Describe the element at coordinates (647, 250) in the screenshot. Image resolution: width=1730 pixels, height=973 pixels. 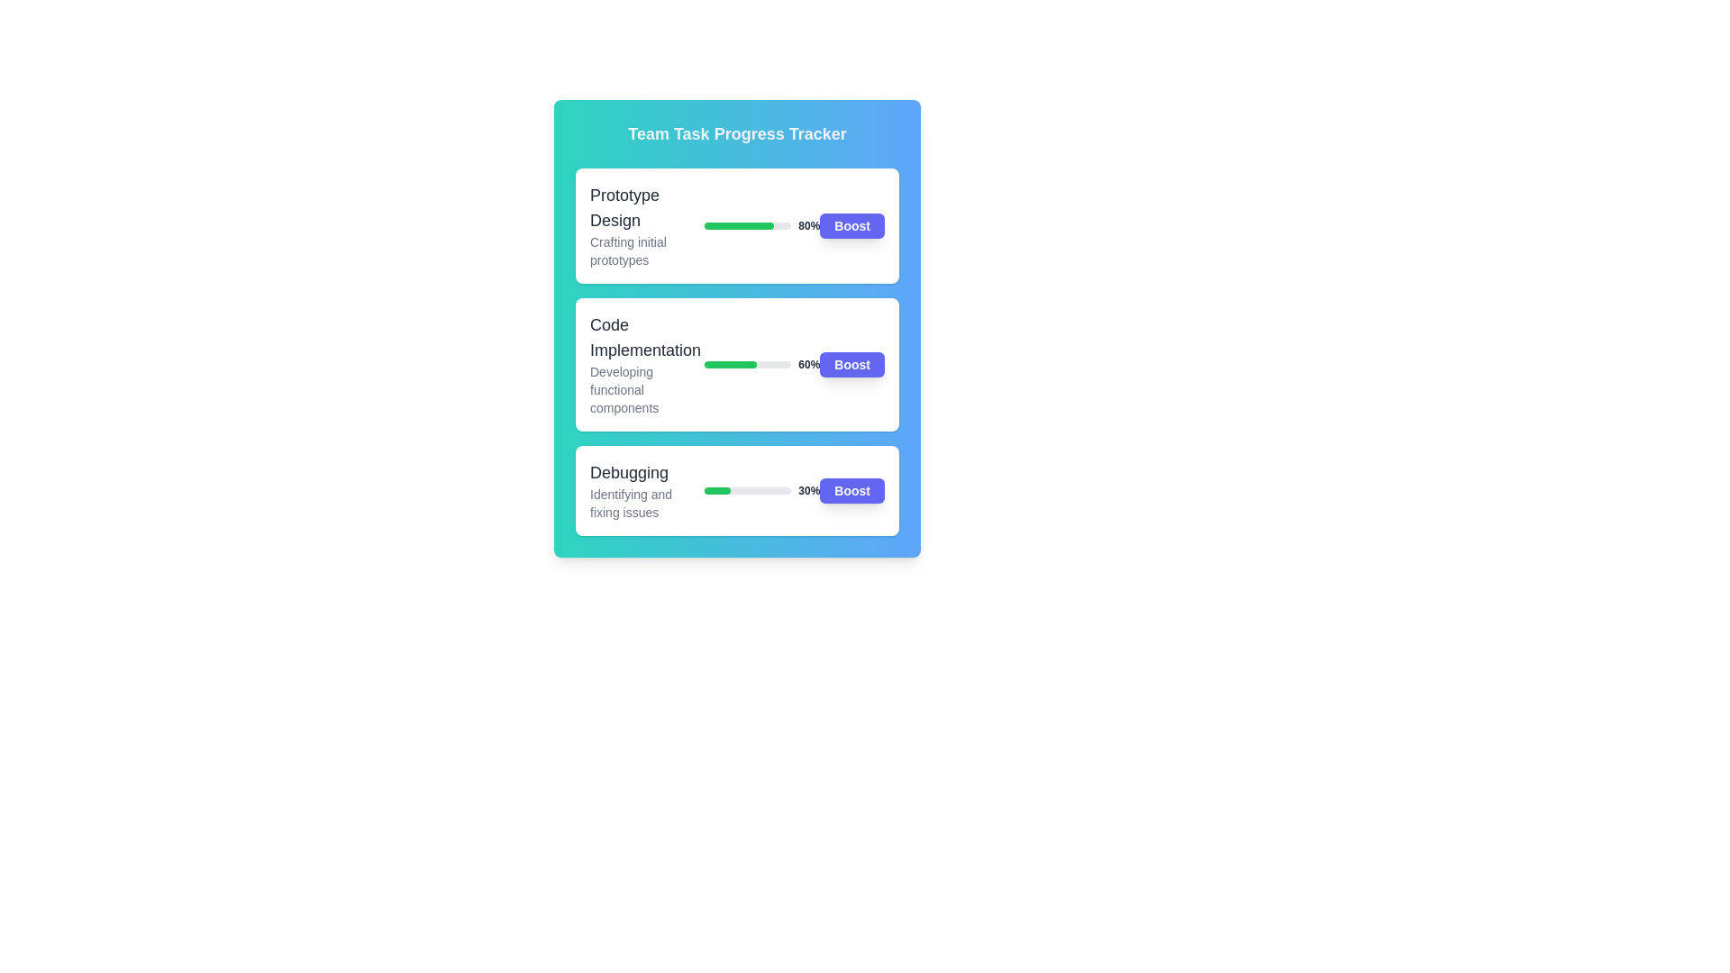
I see `the informational text label providing details about the task titled 'Prototype Design,' which is located below the main heading in the first task box` at that location.